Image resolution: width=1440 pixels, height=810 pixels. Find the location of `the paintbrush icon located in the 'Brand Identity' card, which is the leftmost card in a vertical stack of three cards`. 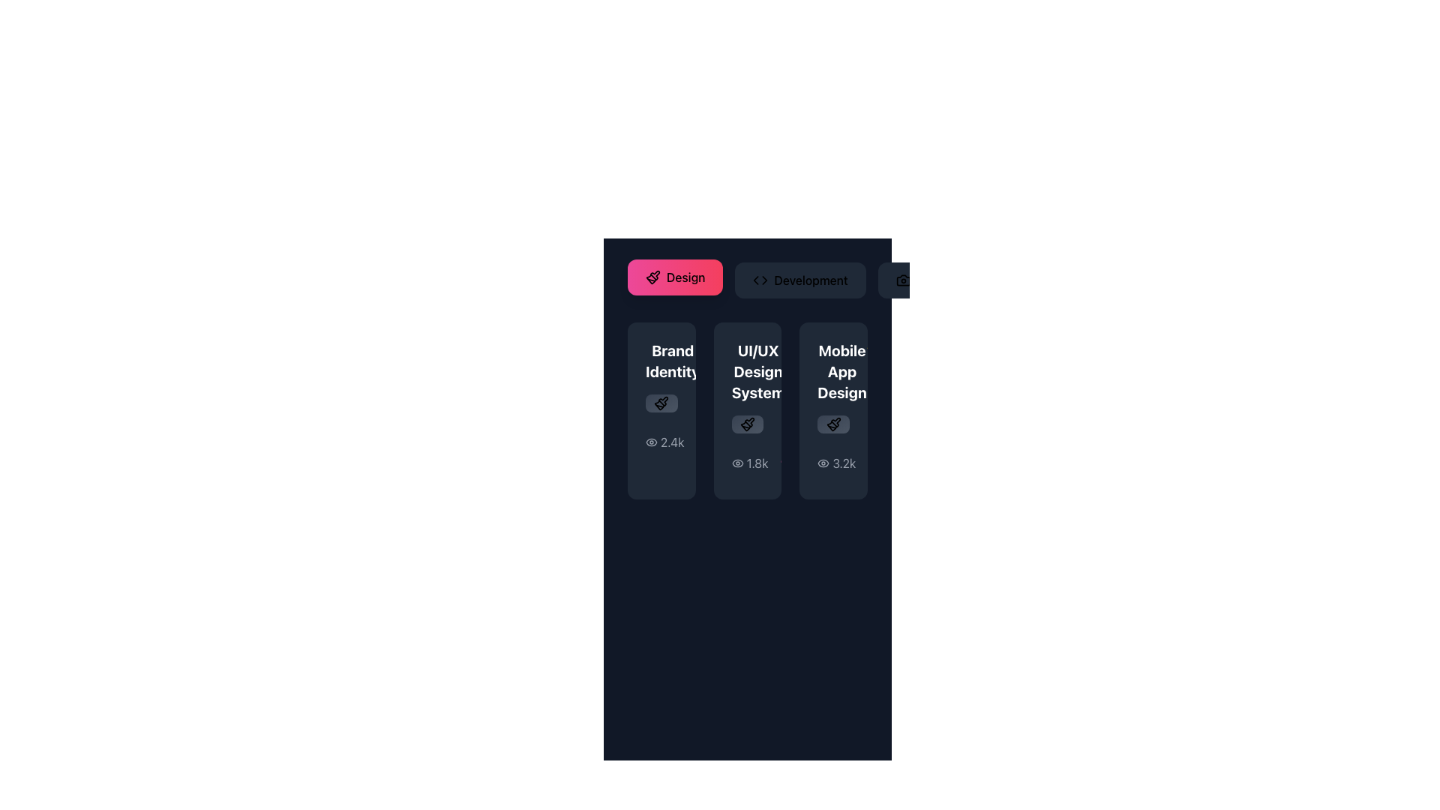

the paintbrush icon located in the 'Brand Identity' card, which is the leftmost card in a vertical stack of three cards is located at coordinates (662, 400).